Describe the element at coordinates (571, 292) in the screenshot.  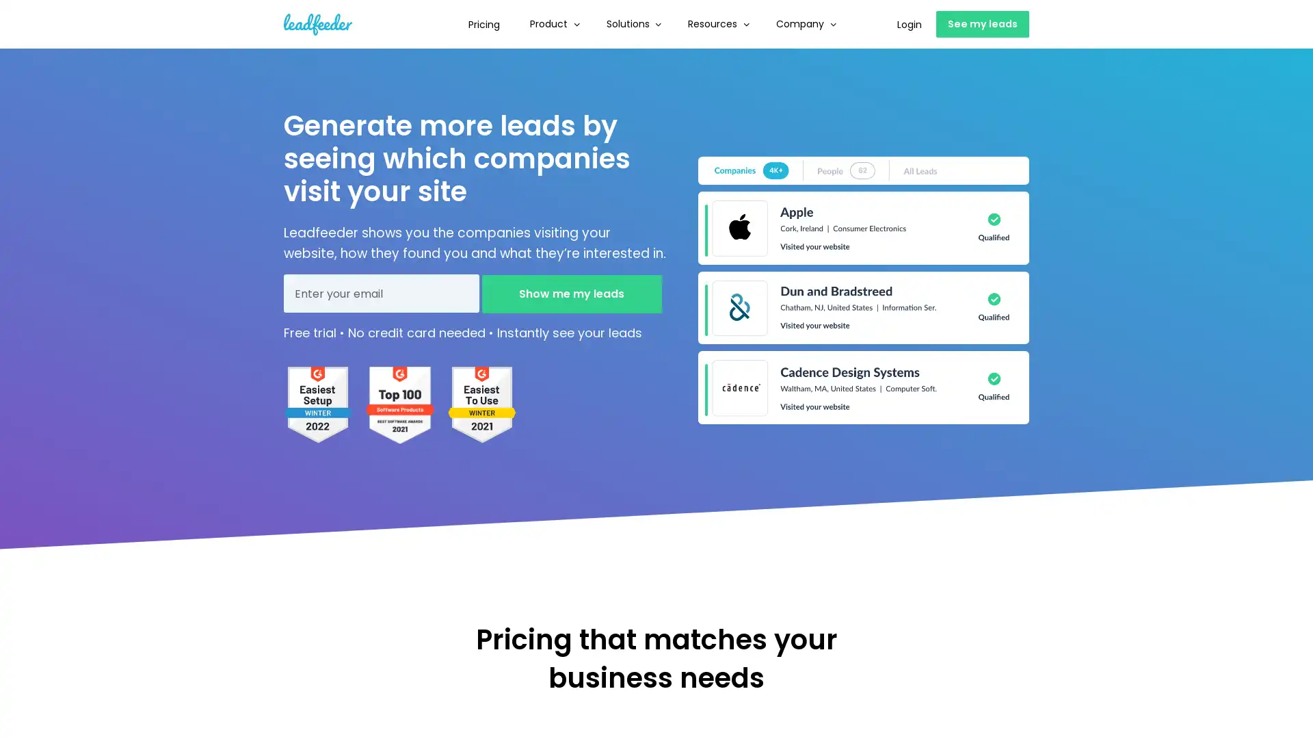
I see `Show me my leads` at that location.